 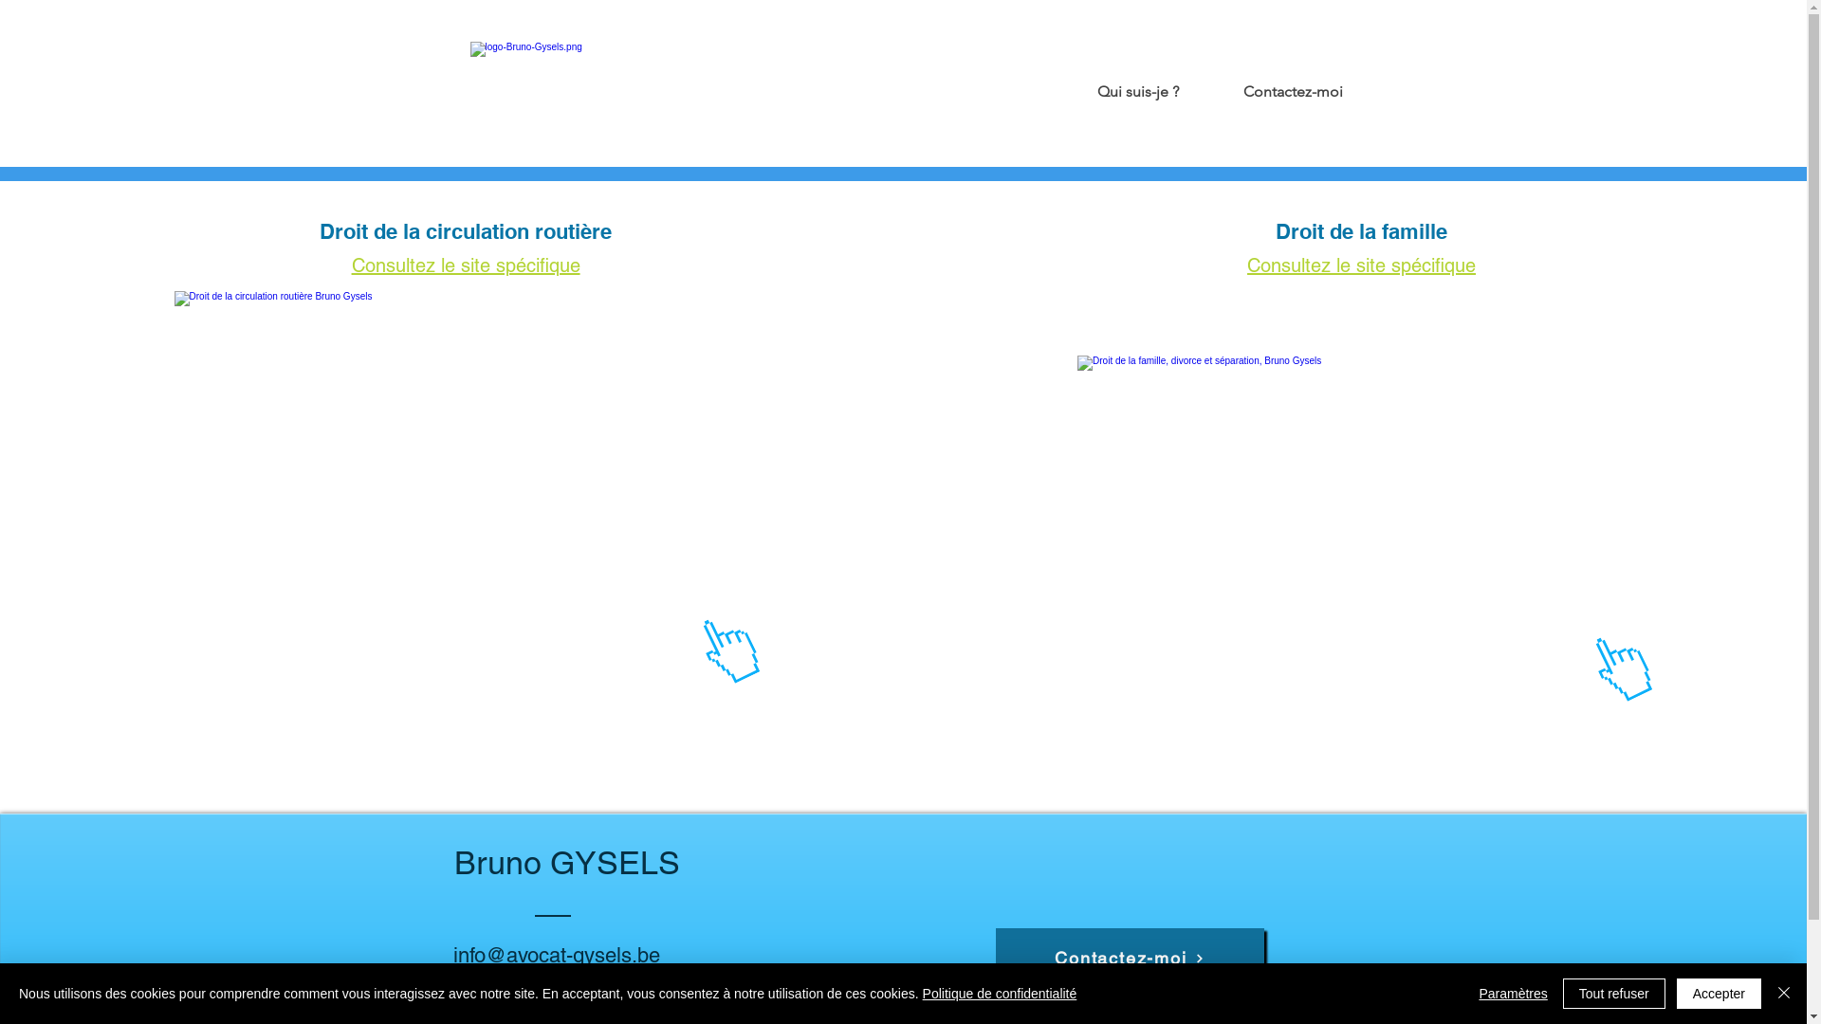 What do you see at coordinates (1114, 82) in the screenshot?
I see `'Qui suis-je ?'` at bounding box center [1114, 82].